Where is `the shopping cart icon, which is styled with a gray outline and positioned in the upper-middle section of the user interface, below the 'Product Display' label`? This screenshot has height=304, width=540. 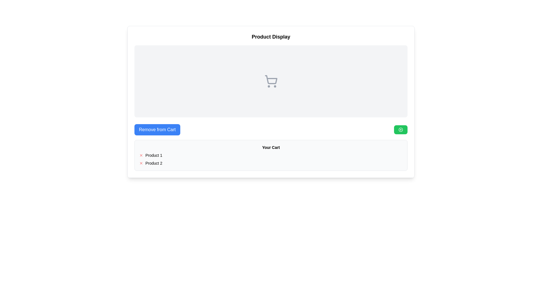
the shopping cart icon, which is styled with a gray outline and positioned in the upper-middle section of the user interface, below the 'Product Display' label is located at coordinates (271, 81).